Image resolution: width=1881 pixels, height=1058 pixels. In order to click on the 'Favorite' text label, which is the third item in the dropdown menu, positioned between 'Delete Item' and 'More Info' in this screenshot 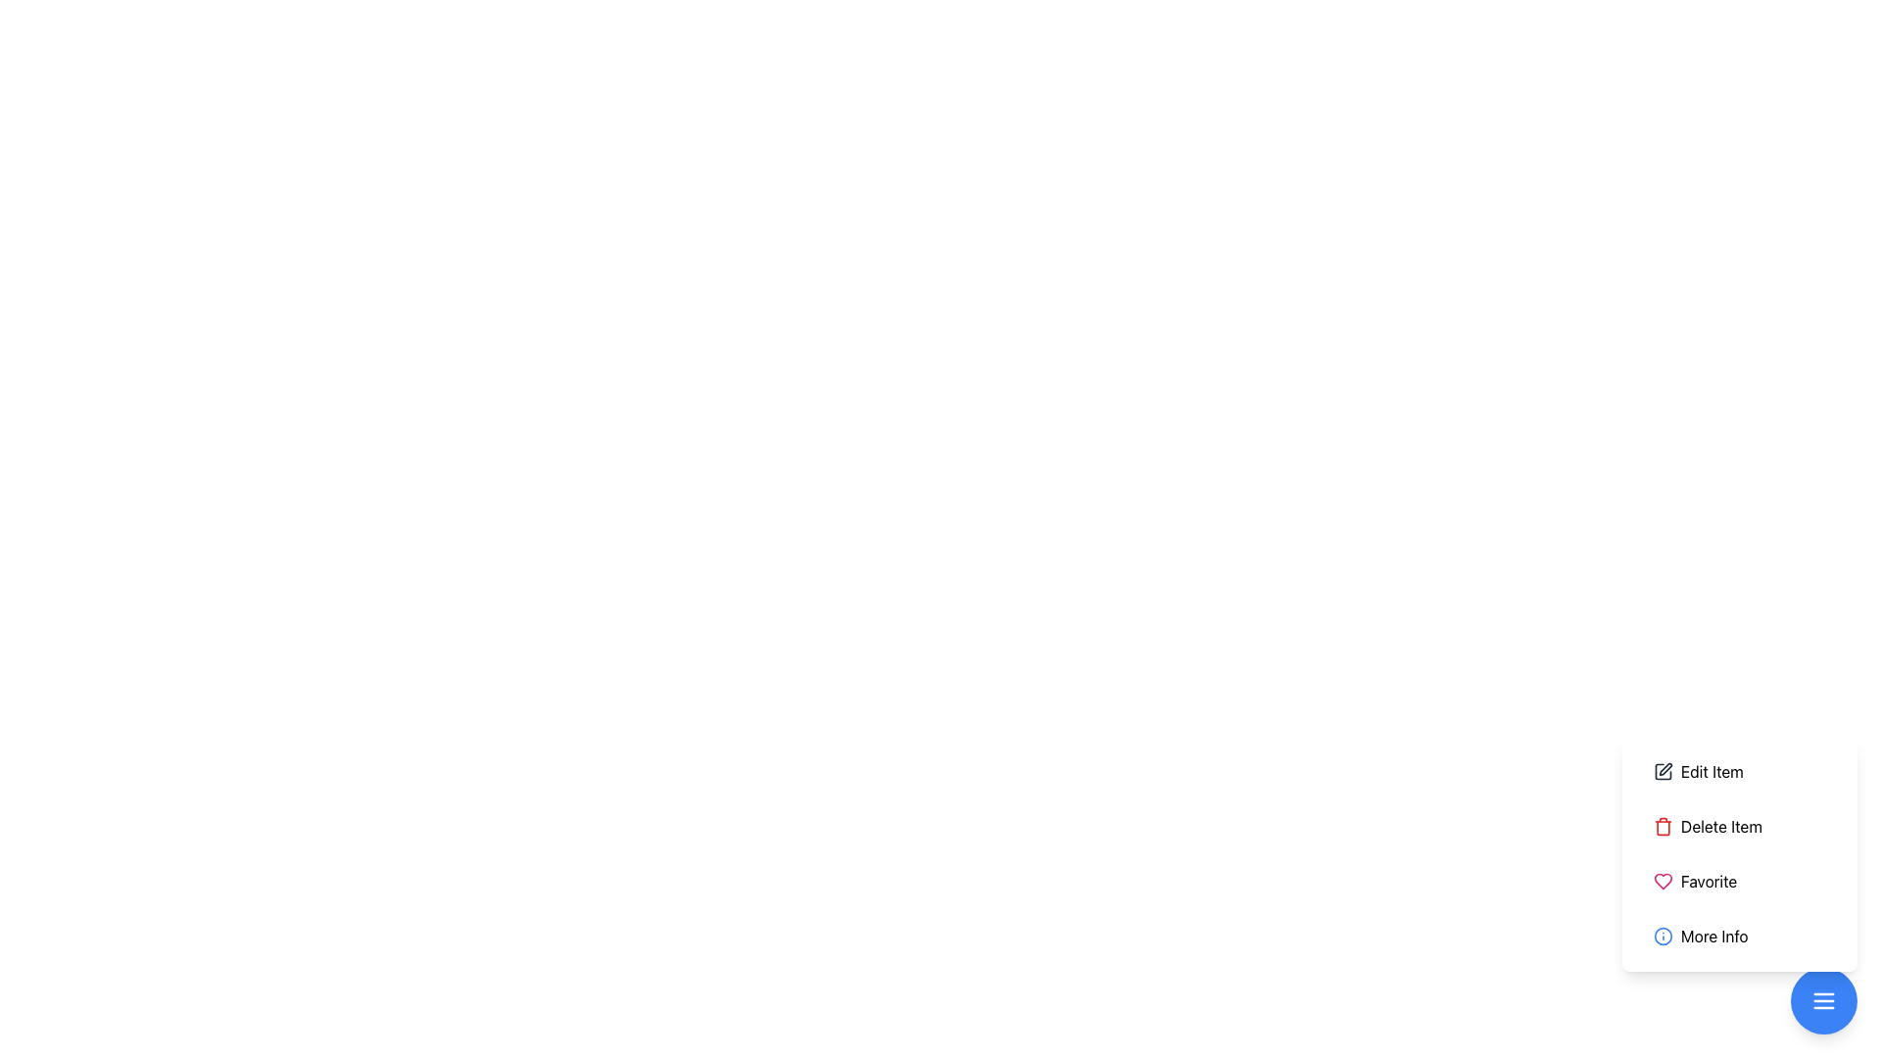, I will do `click(1708, 880)`.